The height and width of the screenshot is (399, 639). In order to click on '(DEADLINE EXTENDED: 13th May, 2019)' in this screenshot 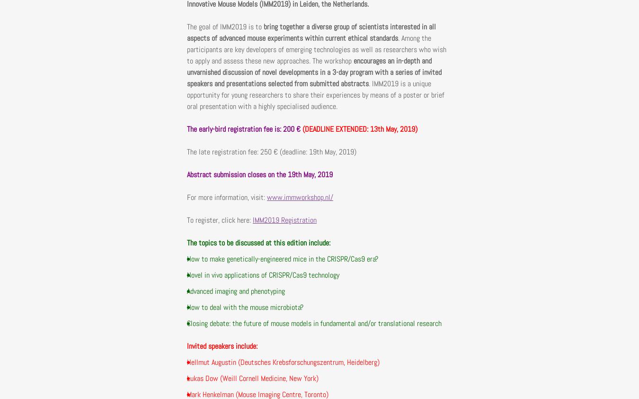, I will do `click(358, 128)`.